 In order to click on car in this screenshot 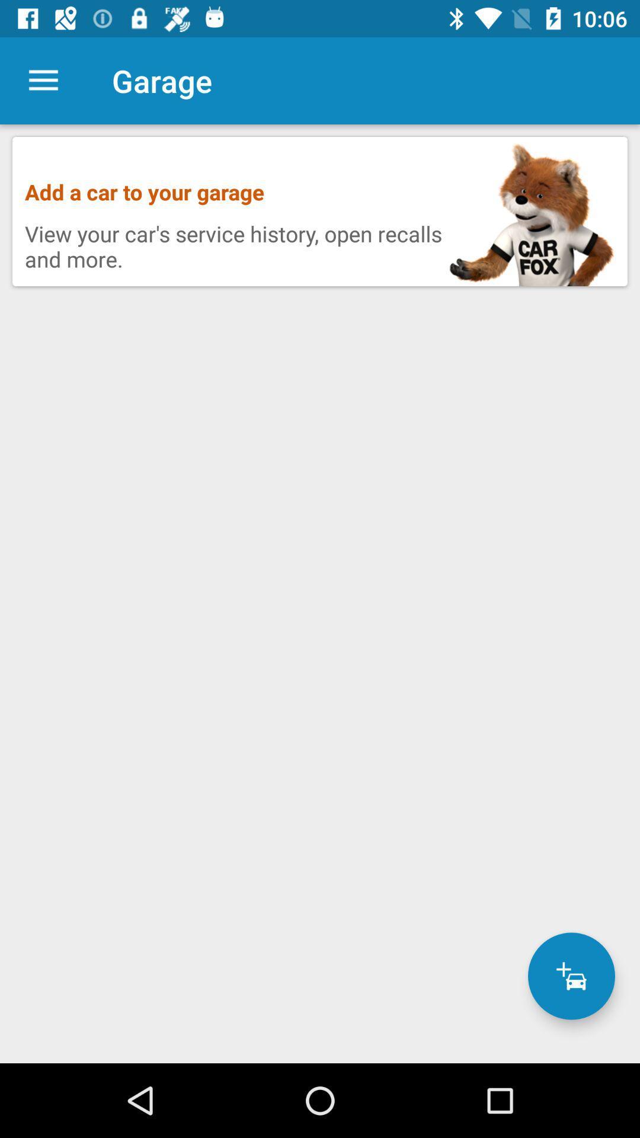, I will do `click(571, 976)`.